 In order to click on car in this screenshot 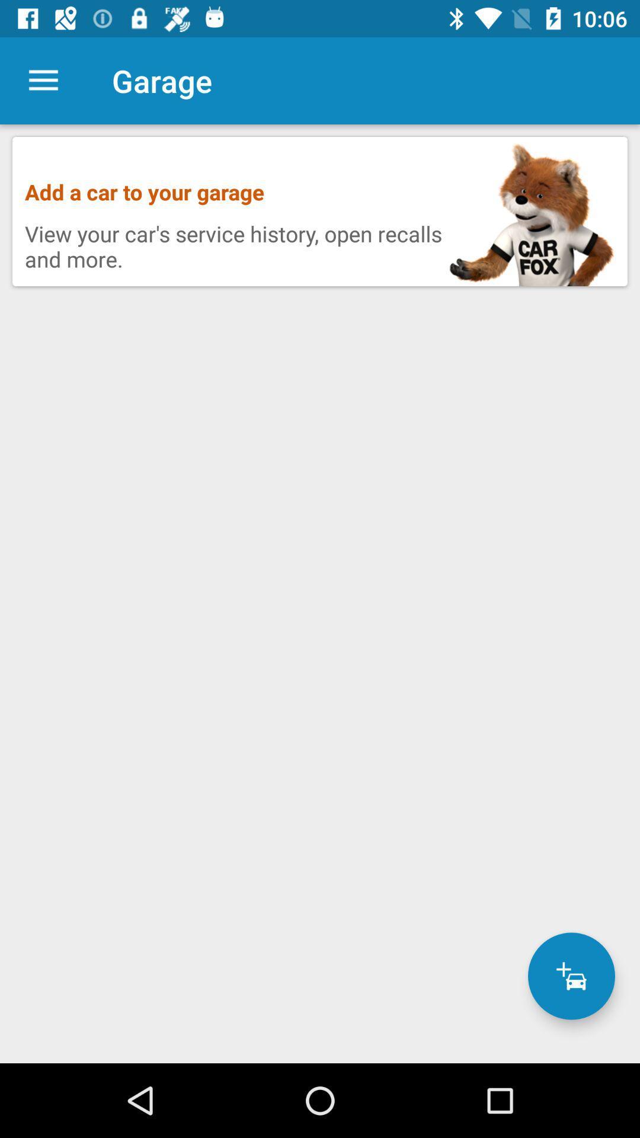, I will do `click(571, 976)`.